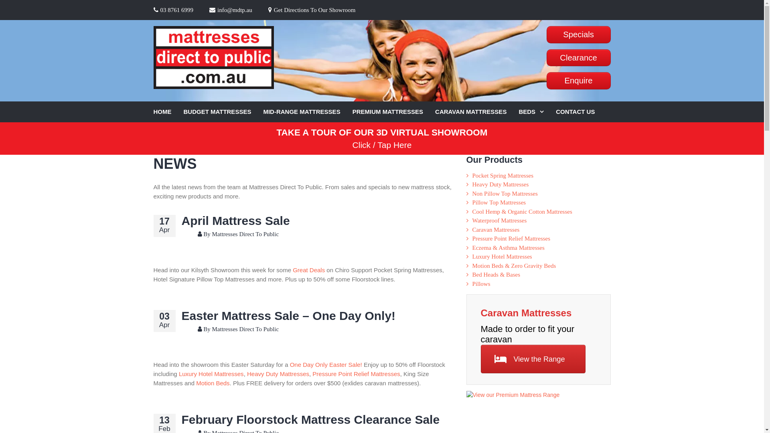 The width and height of the screenshot is (770, 433). I want to click on 'Enquire', so click(546, 81).